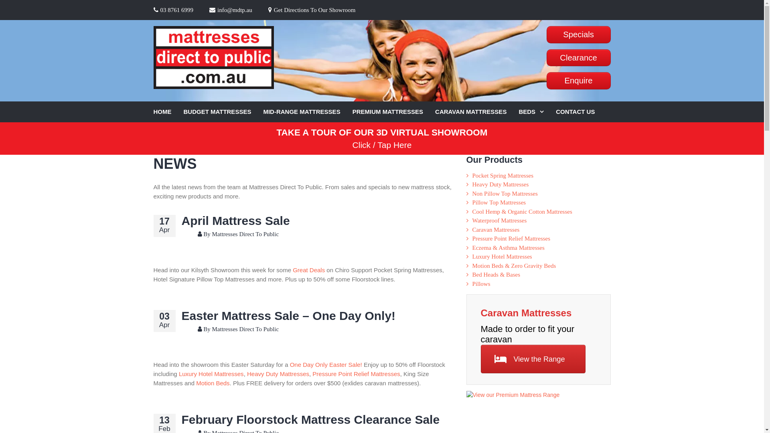 The width and height of the screenshot is (770, 433). I want to click on 'Enquire', so click(546, 81).